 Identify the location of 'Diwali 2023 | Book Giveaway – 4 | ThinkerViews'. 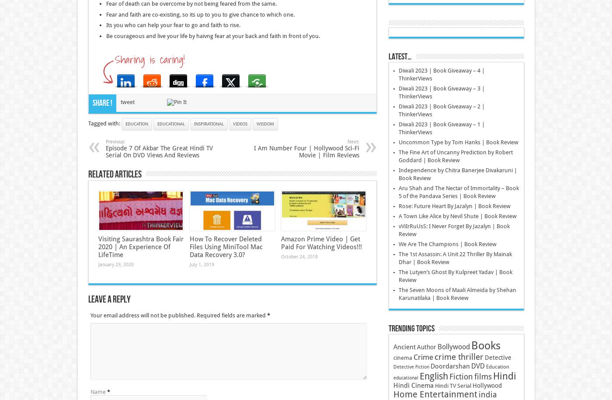
(398, 74).